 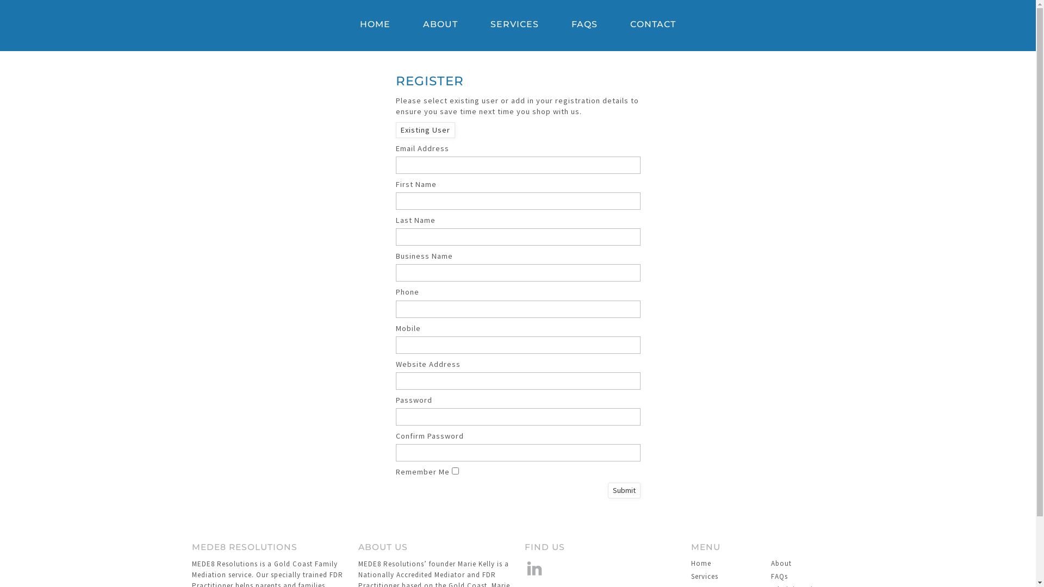 What do you see at coordinates (514, 24) in the screenshot?
I see `'SERVICES'` at bounding box center [514, 24].